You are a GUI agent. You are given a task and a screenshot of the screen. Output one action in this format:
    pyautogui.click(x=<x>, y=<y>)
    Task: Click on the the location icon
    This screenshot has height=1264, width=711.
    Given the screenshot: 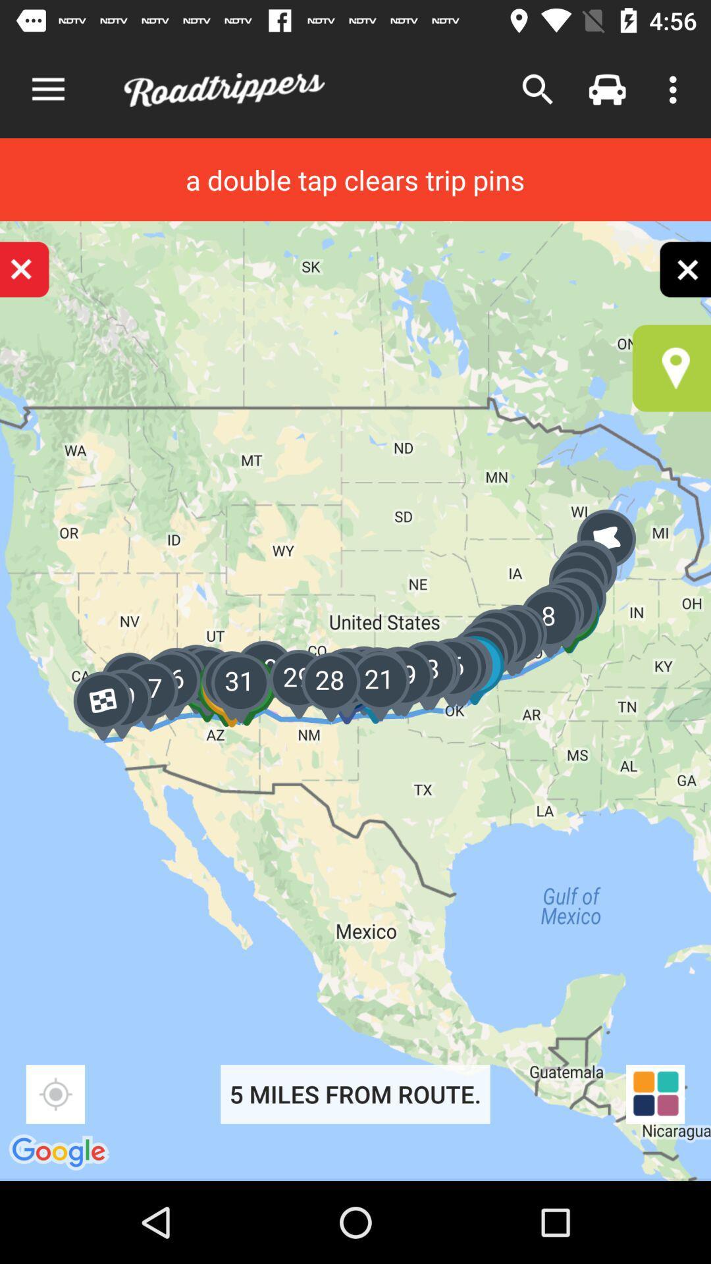 What is the action you would take?
    pyautogui.click(x=671, y=368)
    